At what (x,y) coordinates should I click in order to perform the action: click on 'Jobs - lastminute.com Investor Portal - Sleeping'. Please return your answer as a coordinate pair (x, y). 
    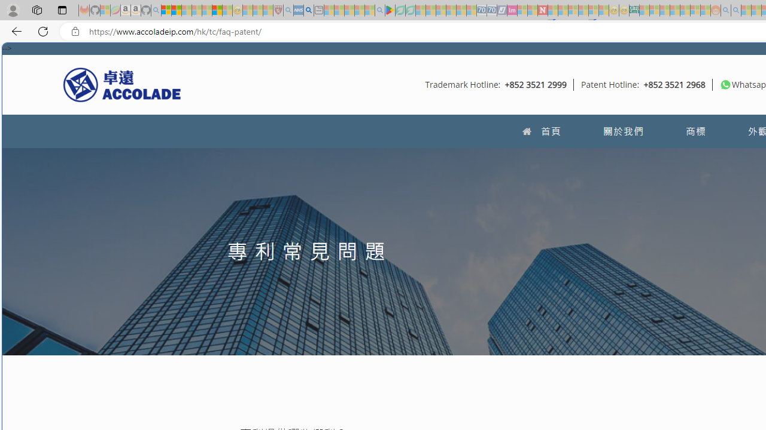
    Looking at the image, I should click on (512, 10).